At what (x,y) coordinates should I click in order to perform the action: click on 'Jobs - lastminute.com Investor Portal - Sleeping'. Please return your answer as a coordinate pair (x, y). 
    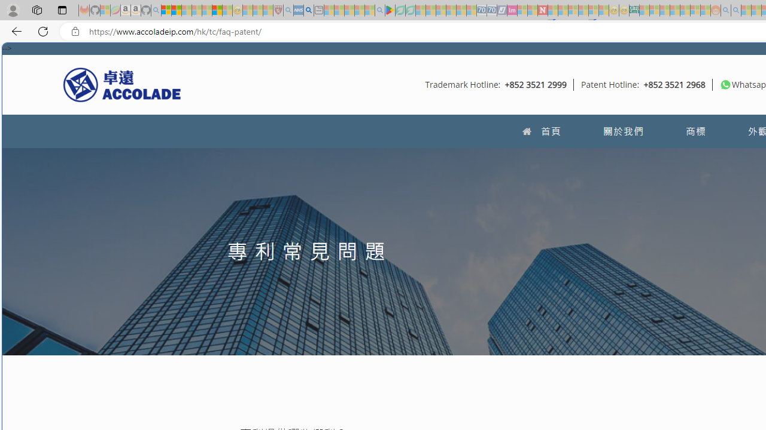
    Looking at the image, I should click on (512, 10).